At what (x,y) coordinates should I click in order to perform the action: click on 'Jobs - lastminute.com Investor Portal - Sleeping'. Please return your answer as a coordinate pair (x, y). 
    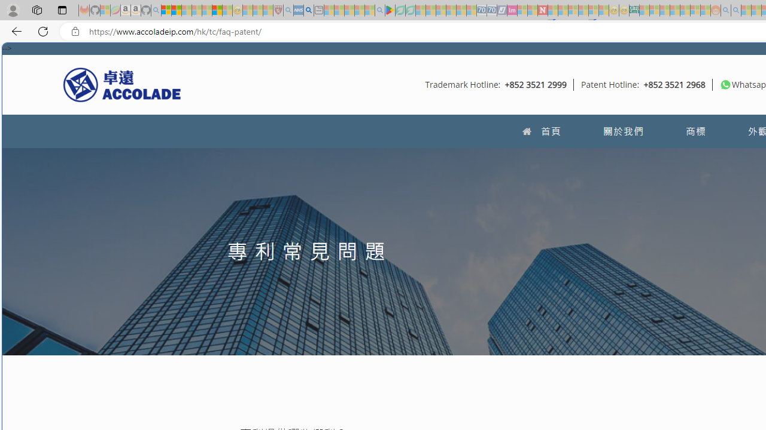
    Looking at the image, I should click on (512, 10).